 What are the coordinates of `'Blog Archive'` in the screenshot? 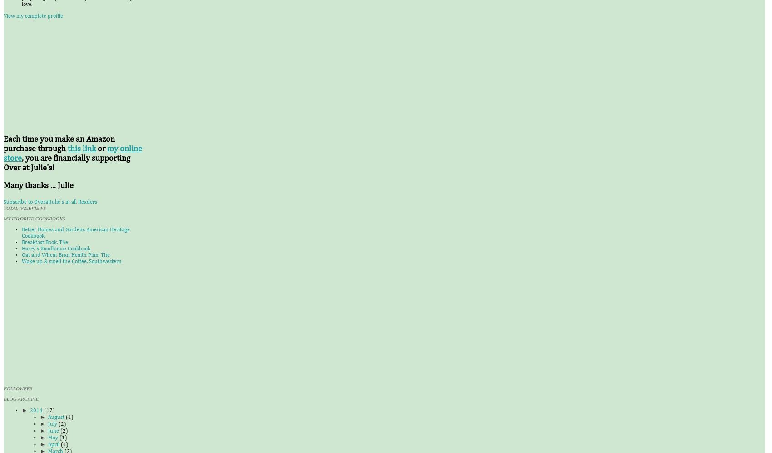 It's located at (21, 398).